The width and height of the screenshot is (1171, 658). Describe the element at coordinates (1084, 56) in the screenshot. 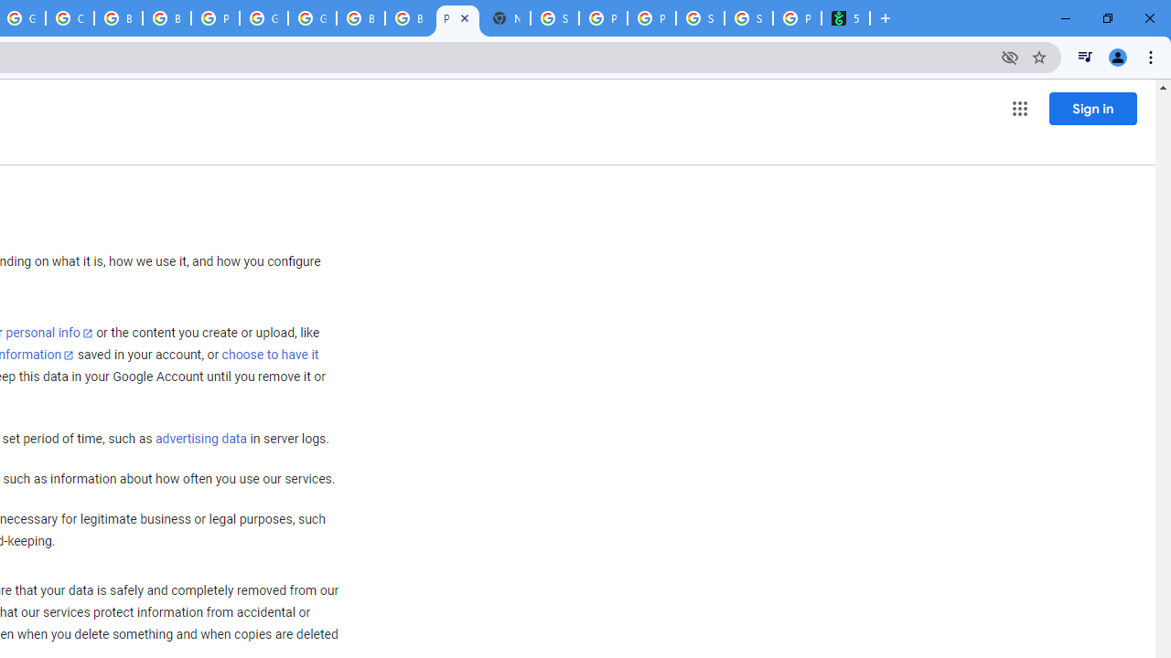

I see `'Control your music, videos, and more'` at that location.